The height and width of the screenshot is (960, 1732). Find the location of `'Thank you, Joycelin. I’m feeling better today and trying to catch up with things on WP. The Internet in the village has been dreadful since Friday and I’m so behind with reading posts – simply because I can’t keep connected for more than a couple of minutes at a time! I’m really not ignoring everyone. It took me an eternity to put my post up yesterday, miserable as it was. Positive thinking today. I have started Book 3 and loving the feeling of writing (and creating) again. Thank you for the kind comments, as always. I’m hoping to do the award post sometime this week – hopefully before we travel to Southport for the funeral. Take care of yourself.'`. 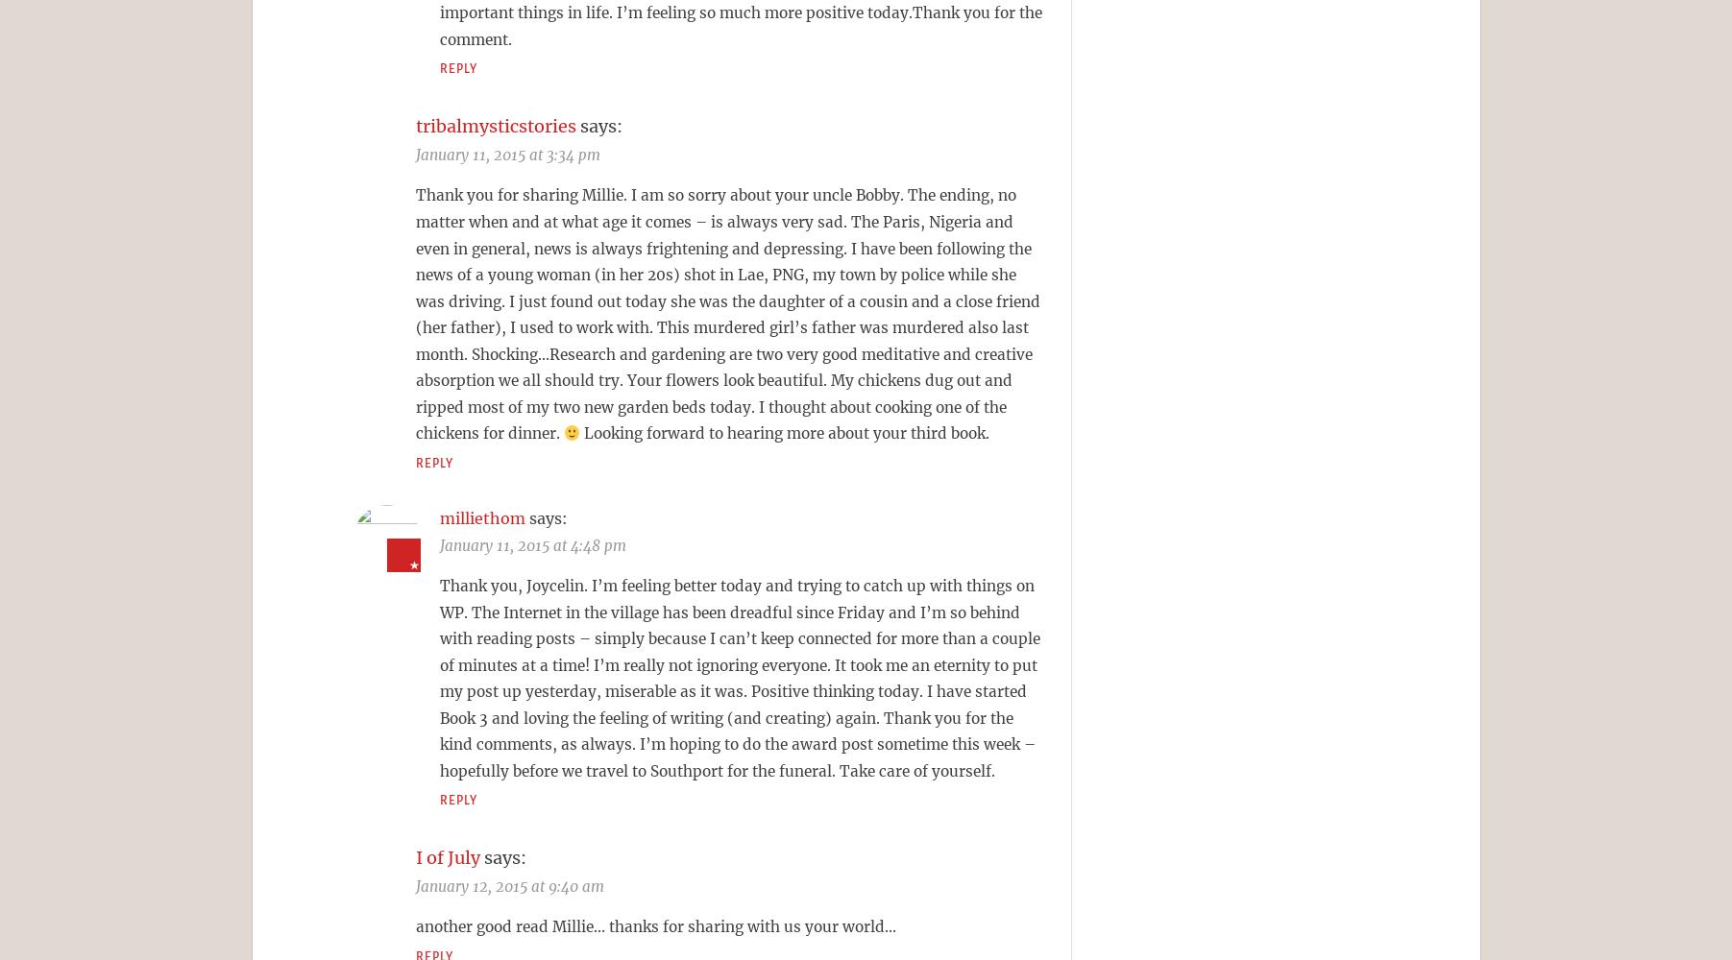

'Thank you, Joycelin. I’m feeling better today and trying to catch up with things on WP. The Internet in the village has been dreadful since Friday and I’m so behind with reading posts – simply because I can’t keep connected for more than a couple of minutes at a time! I’m really not ignoring everyone. It took me an eternity to put my post up yesterday, miserable as it was. Positive thinking today. I have started Book 3 and loving the feeling of writing (and creating) again. Thank you for the kind comments, as always. I’m hoping to do the award post sometime this week – hopefully before we travel to Southport for the funeral. Take care of yourself.' is located at coordinates (739, 677).